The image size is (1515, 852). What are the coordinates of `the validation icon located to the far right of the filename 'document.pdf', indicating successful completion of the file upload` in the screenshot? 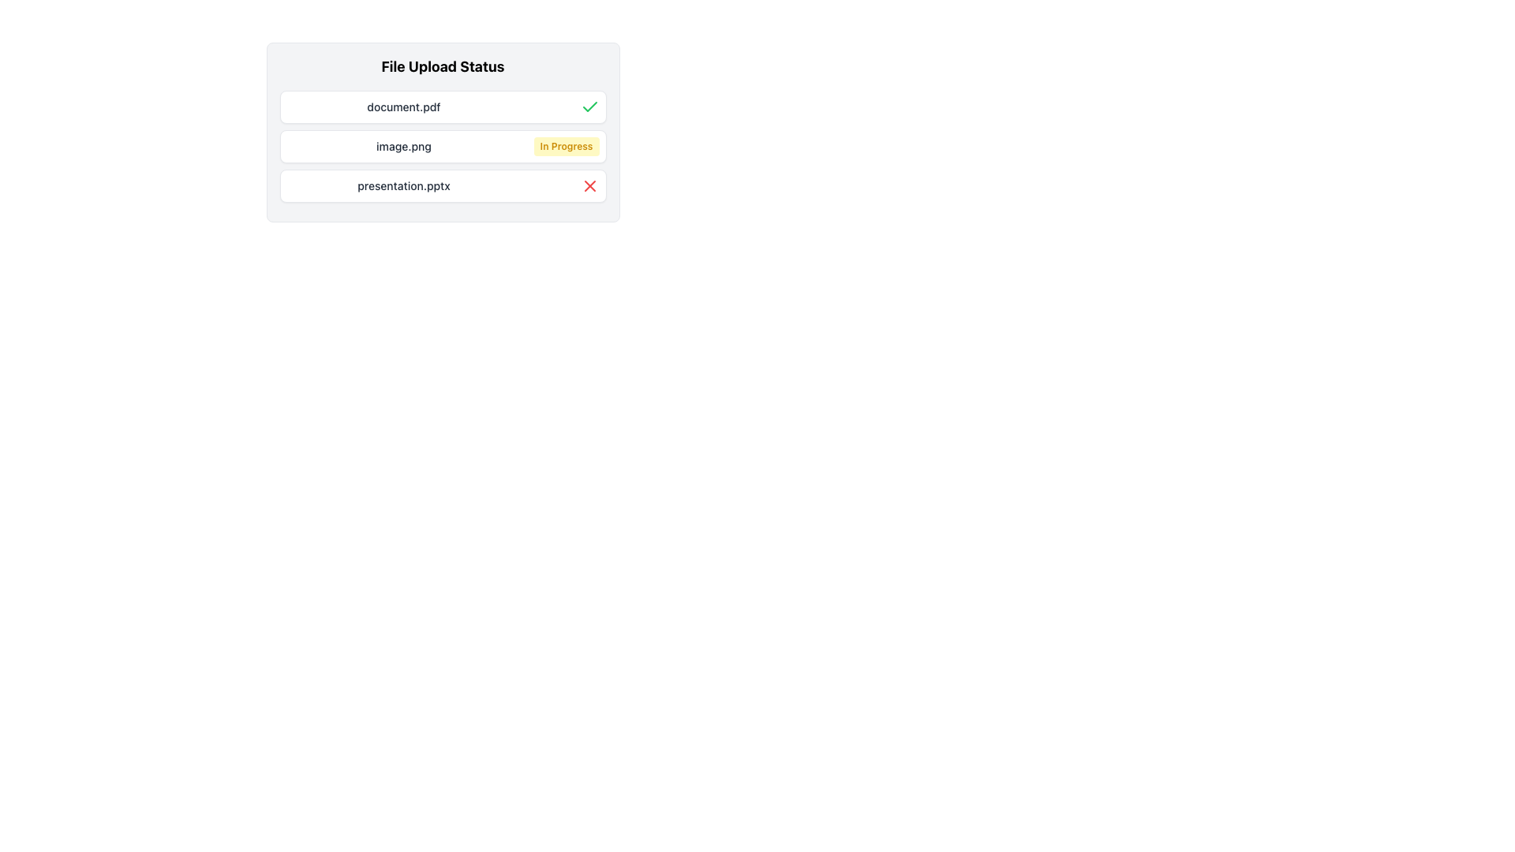 It's located at (589, 106).